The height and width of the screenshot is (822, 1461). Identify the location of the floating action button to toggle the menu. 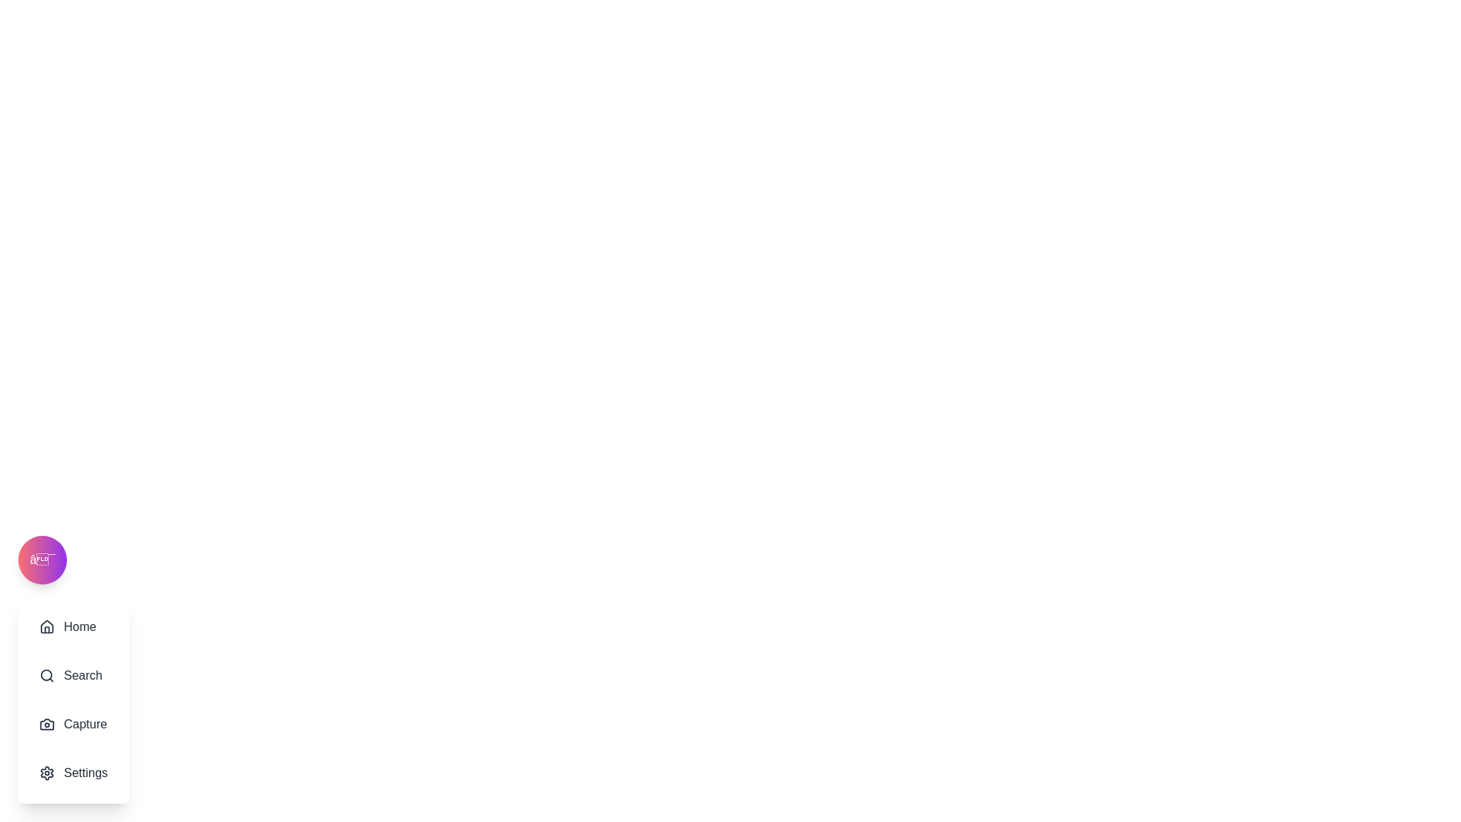
(43, 560).